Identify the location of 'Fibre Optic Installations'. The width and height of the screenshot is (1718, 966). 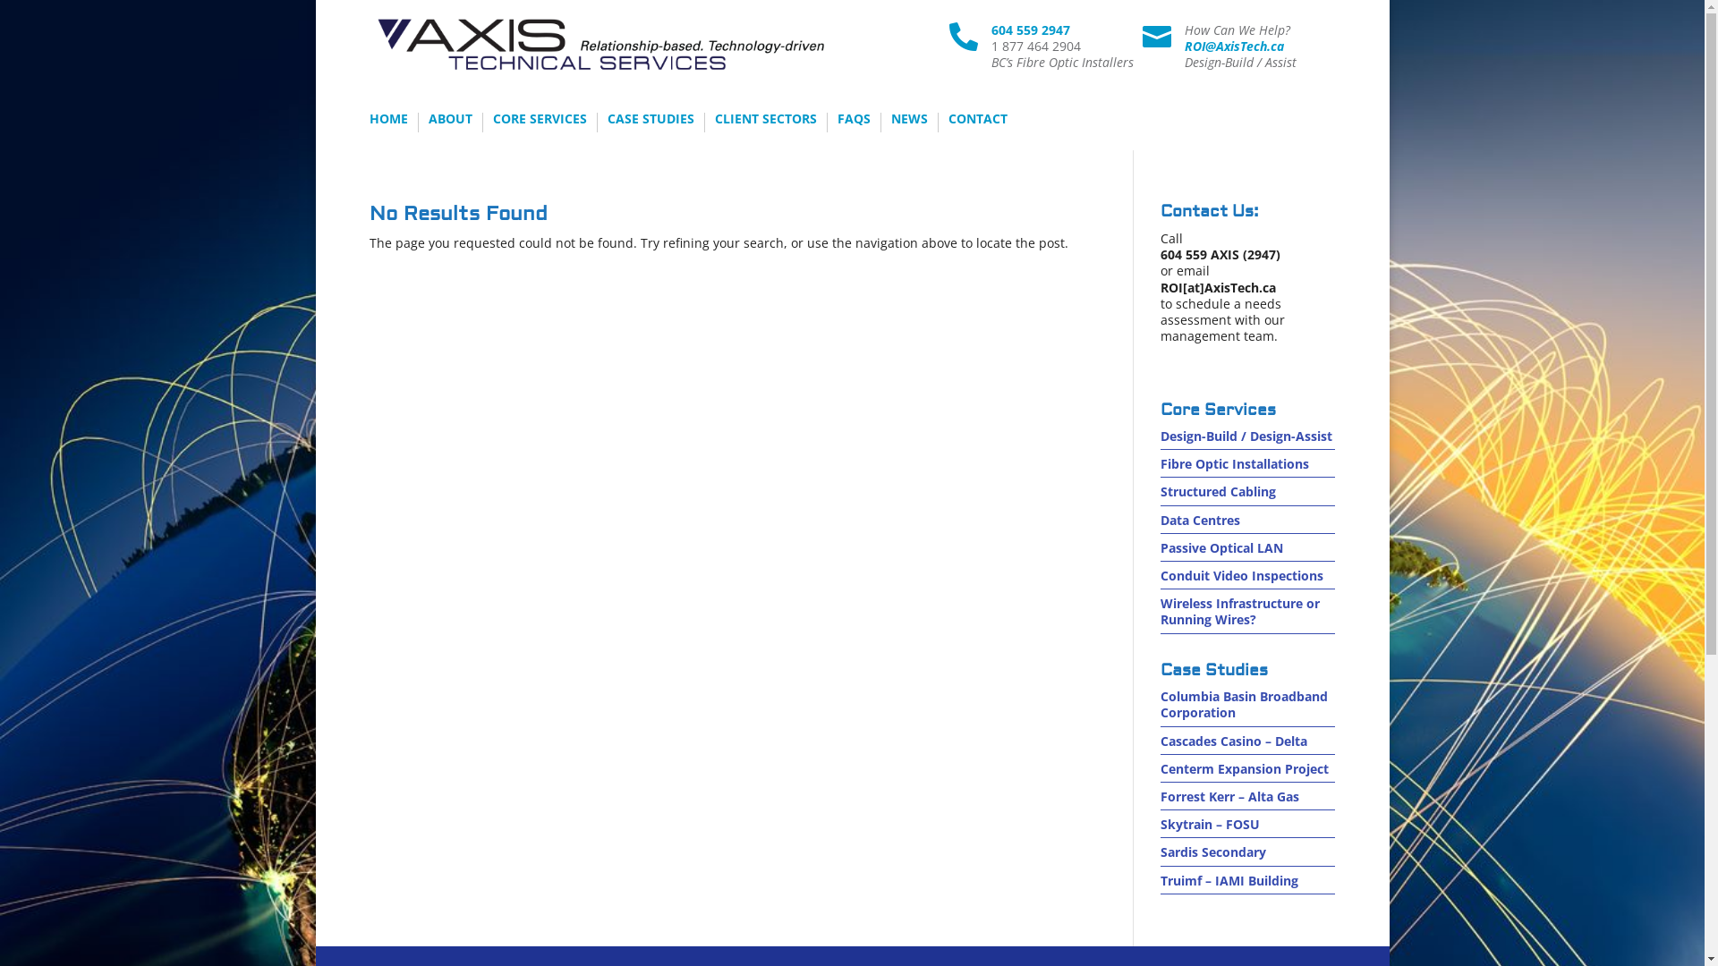
(1160, 462).